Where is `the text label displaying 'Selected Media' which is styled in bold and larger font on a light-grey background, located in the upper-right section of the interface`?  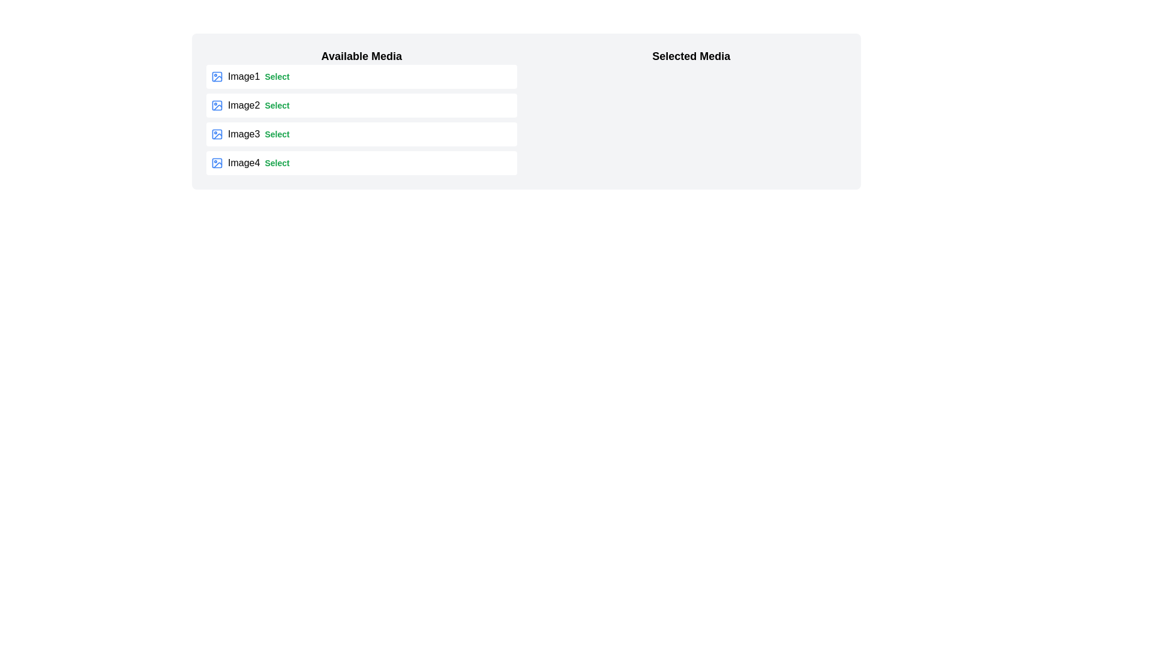
the text label displaying 'Selected Media' which is styled in bold and larger font on a light-grey background, located in the upper-right section of the interface is located at coordinates (691, 56).